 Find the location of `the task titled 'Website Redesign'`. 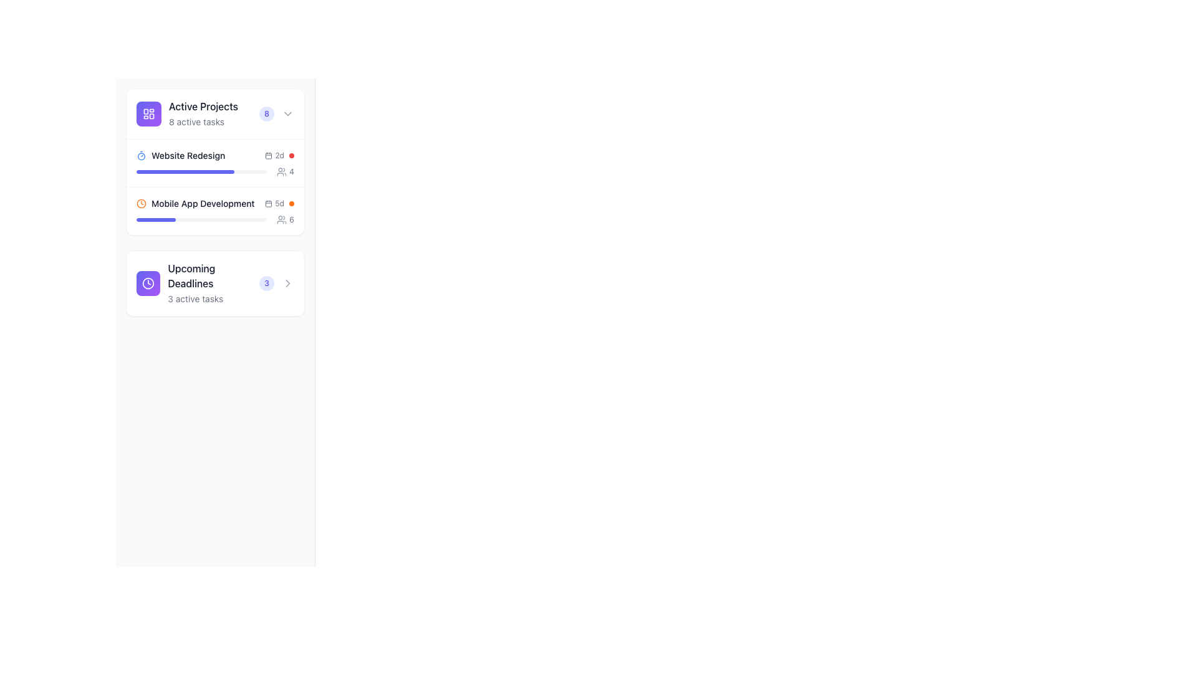

the task titled 'Website Redesign' is located at coordinates (215, 155).